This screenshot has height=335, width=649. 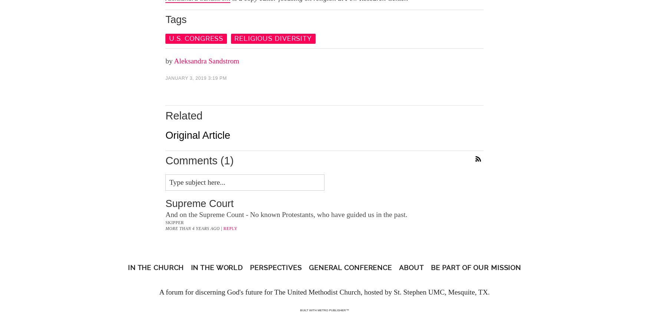 What do you see at coordinates (174, 223) in the screenshot?
I see `'Skipper'` at bounding box center [174, 223].